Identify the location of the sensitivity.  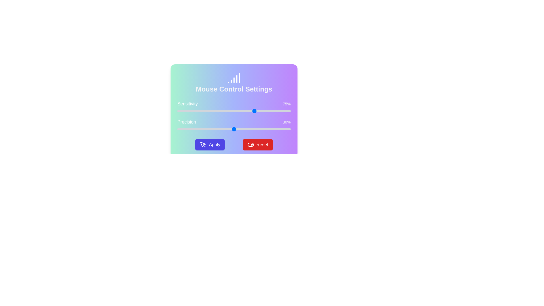
(258, 111).